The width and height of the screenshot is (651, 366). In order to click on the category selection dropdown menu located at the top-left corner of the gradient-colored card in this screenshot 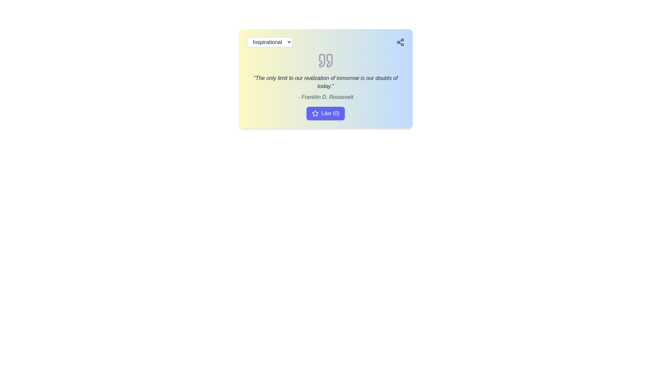, I will do `click(269, 42)`.